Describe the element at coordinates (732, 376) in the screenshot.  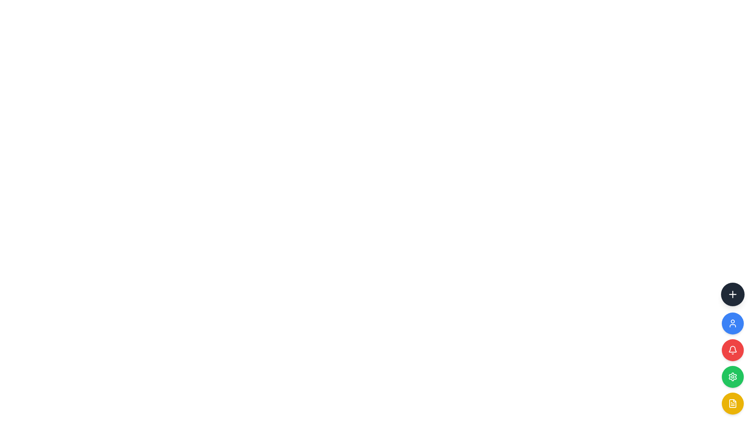
I see `the circular green button with a white gear icon` at that location.